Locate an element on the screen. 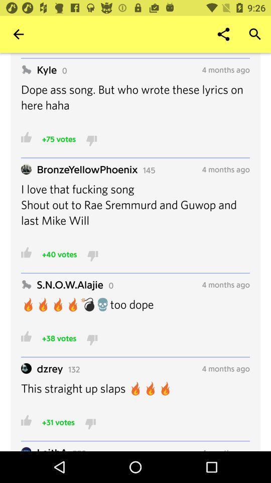 The width and height of the screenshot is (271, 483). the dope ass song item is located at coordinates (135, 104).